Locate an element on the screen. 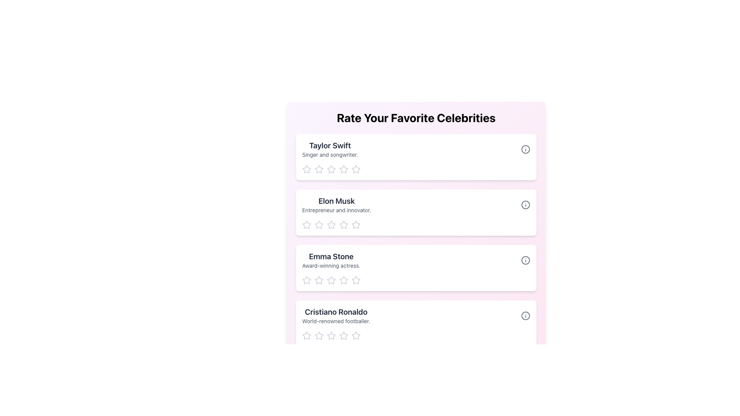 The height and width of the screenshot is (416, 740). the text label displaying 'Elon Musk', which is styled in a bold and large font and is located prominently as a heading in the center column of the grid structure is located at coordinates (336, 200).